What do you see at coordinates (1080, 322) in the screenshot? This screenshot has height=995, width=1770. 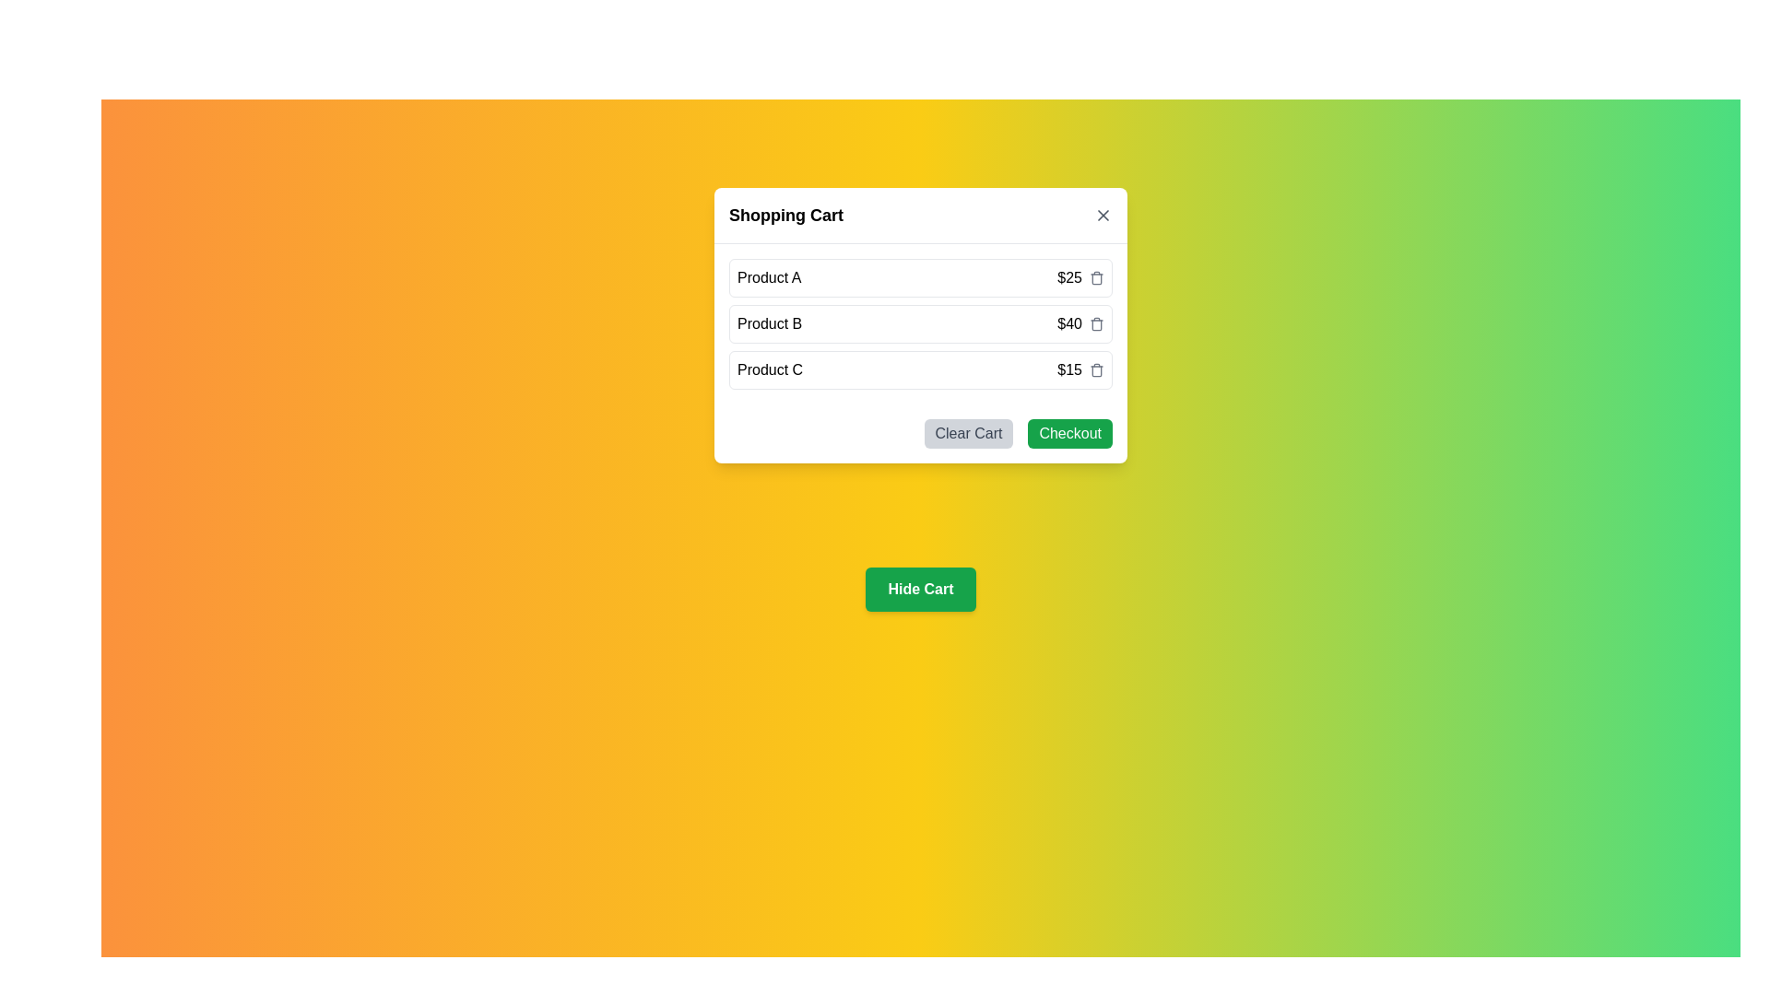 I see `the static text displaying the price of 'Product B' in the shopping cart dialog, located to the right of 'Product B' label and left of the trash icon` at bounding box center [1080, 322].